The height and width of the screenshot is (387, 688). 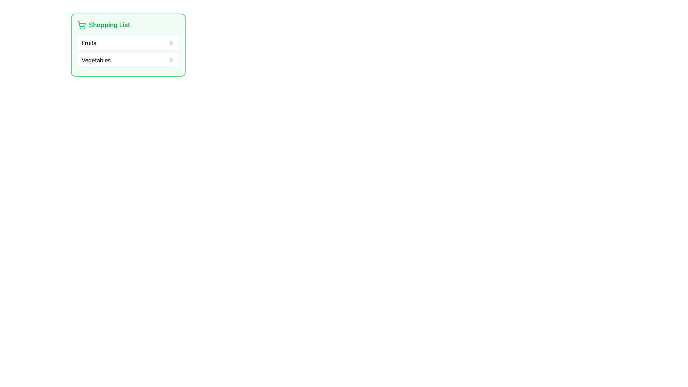 What do you see at coordinates (81, 24) in the screenshot?
I see `the shopping cart icon styled with a green stroke located to the left of the 'Shopping List' text` at bounding box center [81, 24].